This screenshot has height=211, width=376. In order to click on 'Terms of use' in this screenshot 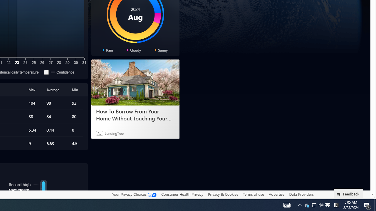, I will do `click(253, 194)`.